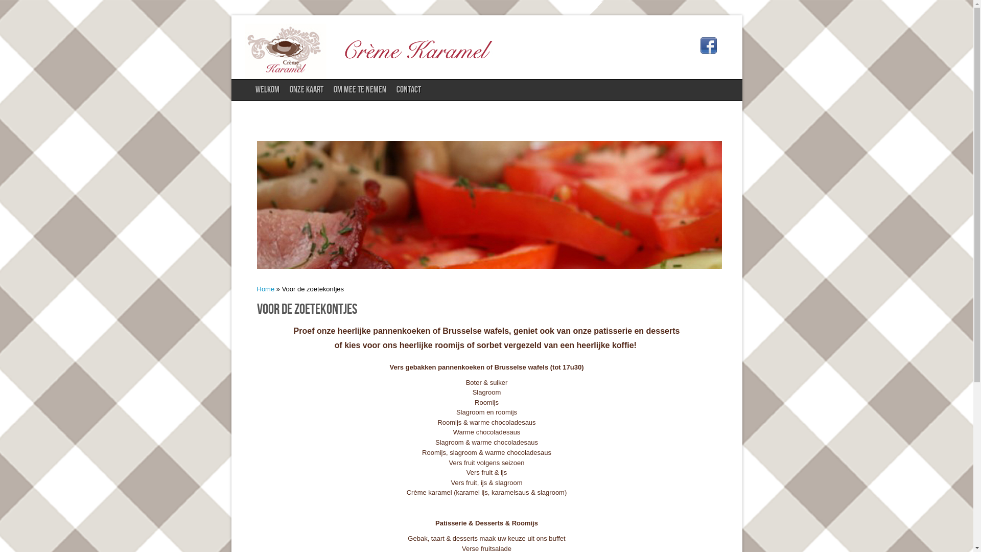 This screenshot has width=981, height=552. What do you see at coordinates (250, 89) in the screenshot?
I see `'WELKOM'` at bounding box center [250, 89].